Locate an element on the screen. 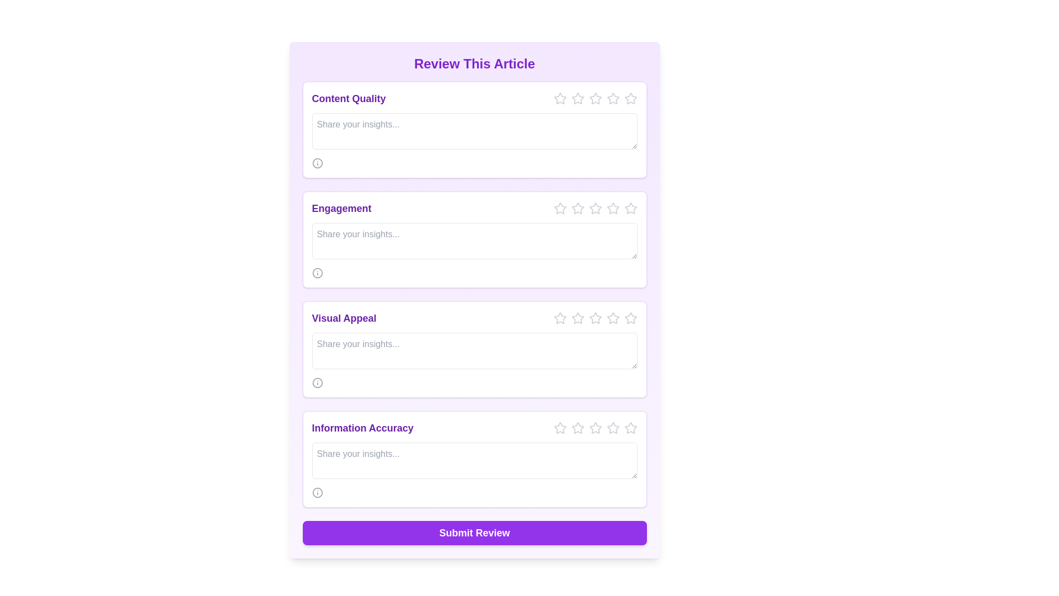  the 'Content Quality' text label styled in bold purple font, located at the top-left position of the card layout is located at coordinates (348, 98).